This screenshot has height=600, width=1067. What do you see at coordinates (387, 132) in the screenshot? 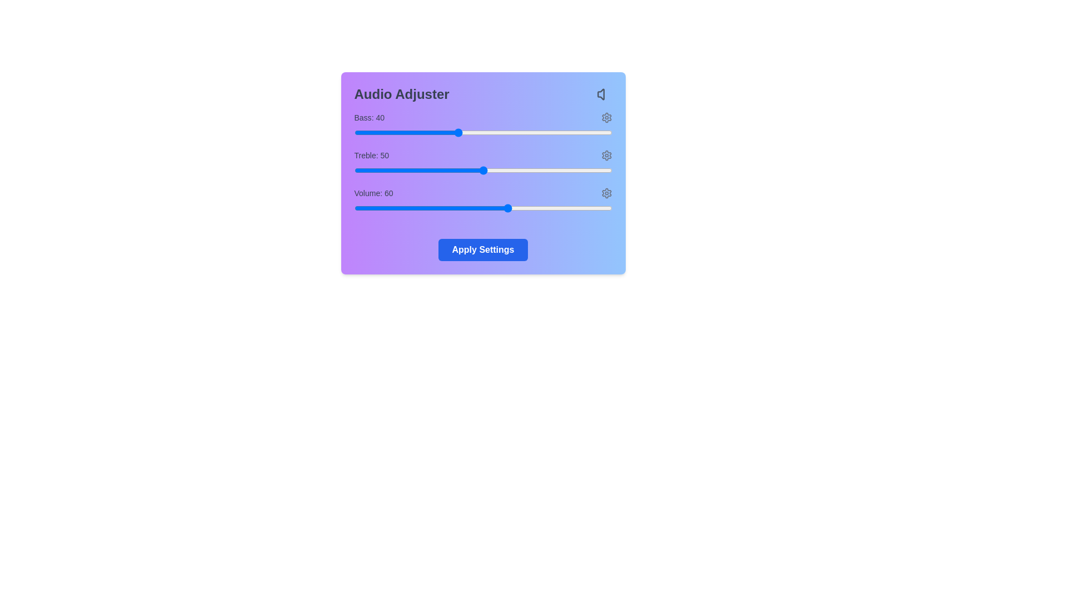
I see `the bass level` at bounding box center [387, 132].